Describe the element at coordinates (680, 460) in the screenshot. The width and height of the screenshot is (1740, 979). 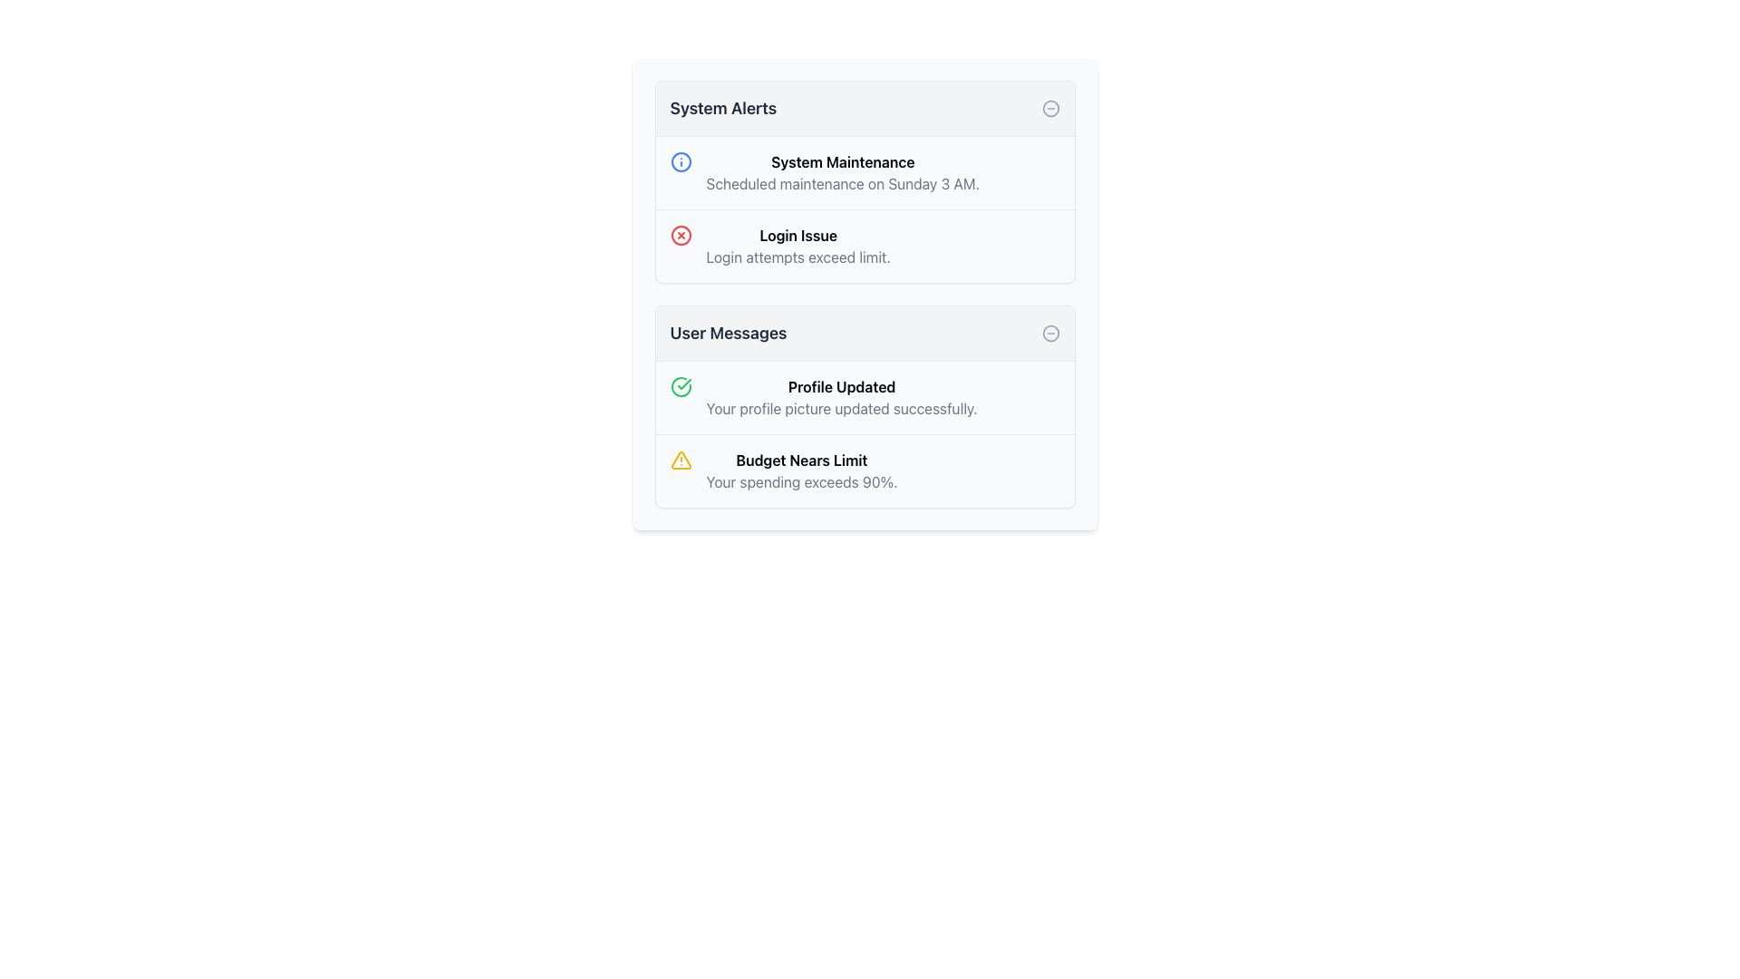
I see `the yellow outlined triangular warning icon located to the left of the 'Budget Nears Limit' notification in the 'User Messages' section` at that location.